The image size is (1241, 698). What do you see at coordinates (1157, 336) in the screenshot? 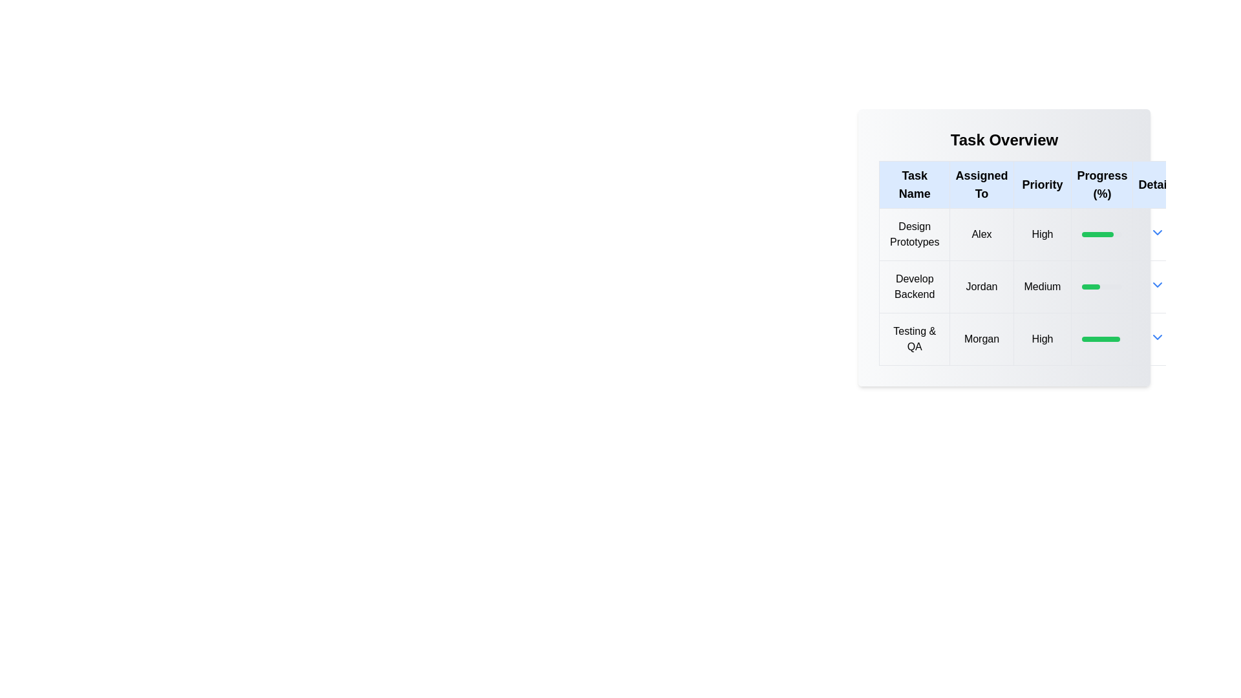
I see `expand/collapse button for the task Testing & QA` at bounding box center [1157, 336].